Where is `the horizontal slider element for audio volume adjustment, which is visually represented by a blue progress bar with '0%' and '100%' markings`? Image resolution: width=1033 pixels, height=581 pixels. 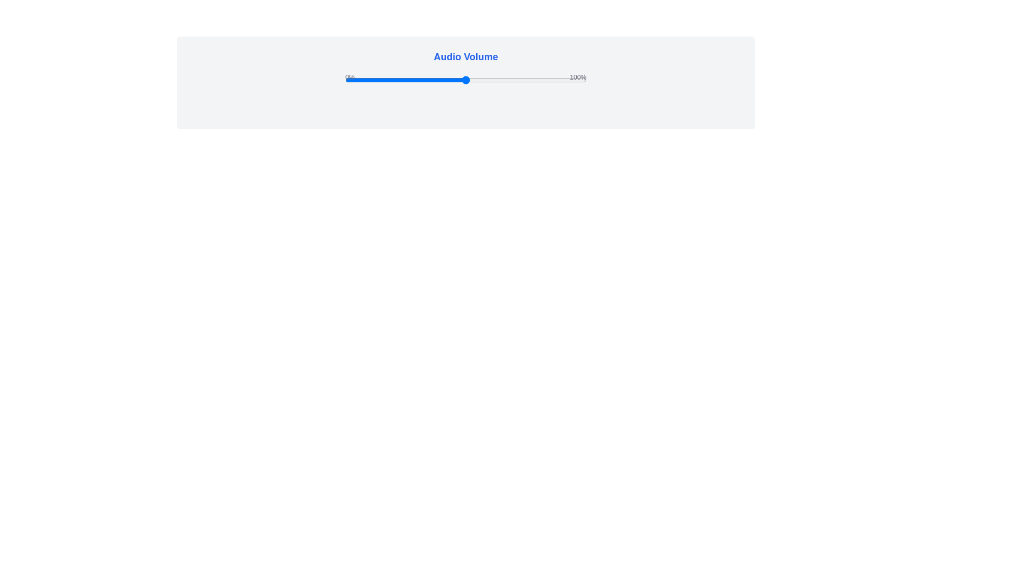
the horizontal slider element for audio volume adjustment, which is visually represented by a blue progress bar with '0%' and '100%' markings is located at coordinates (465, 79).